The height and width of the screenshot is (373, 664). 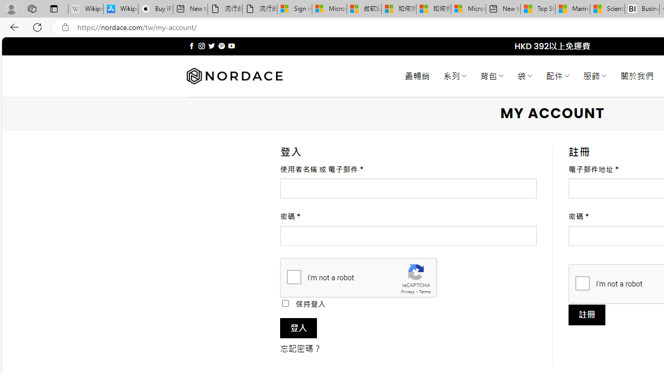 I want to click on 'Follow on Facebook', so click(x=191, y=46).